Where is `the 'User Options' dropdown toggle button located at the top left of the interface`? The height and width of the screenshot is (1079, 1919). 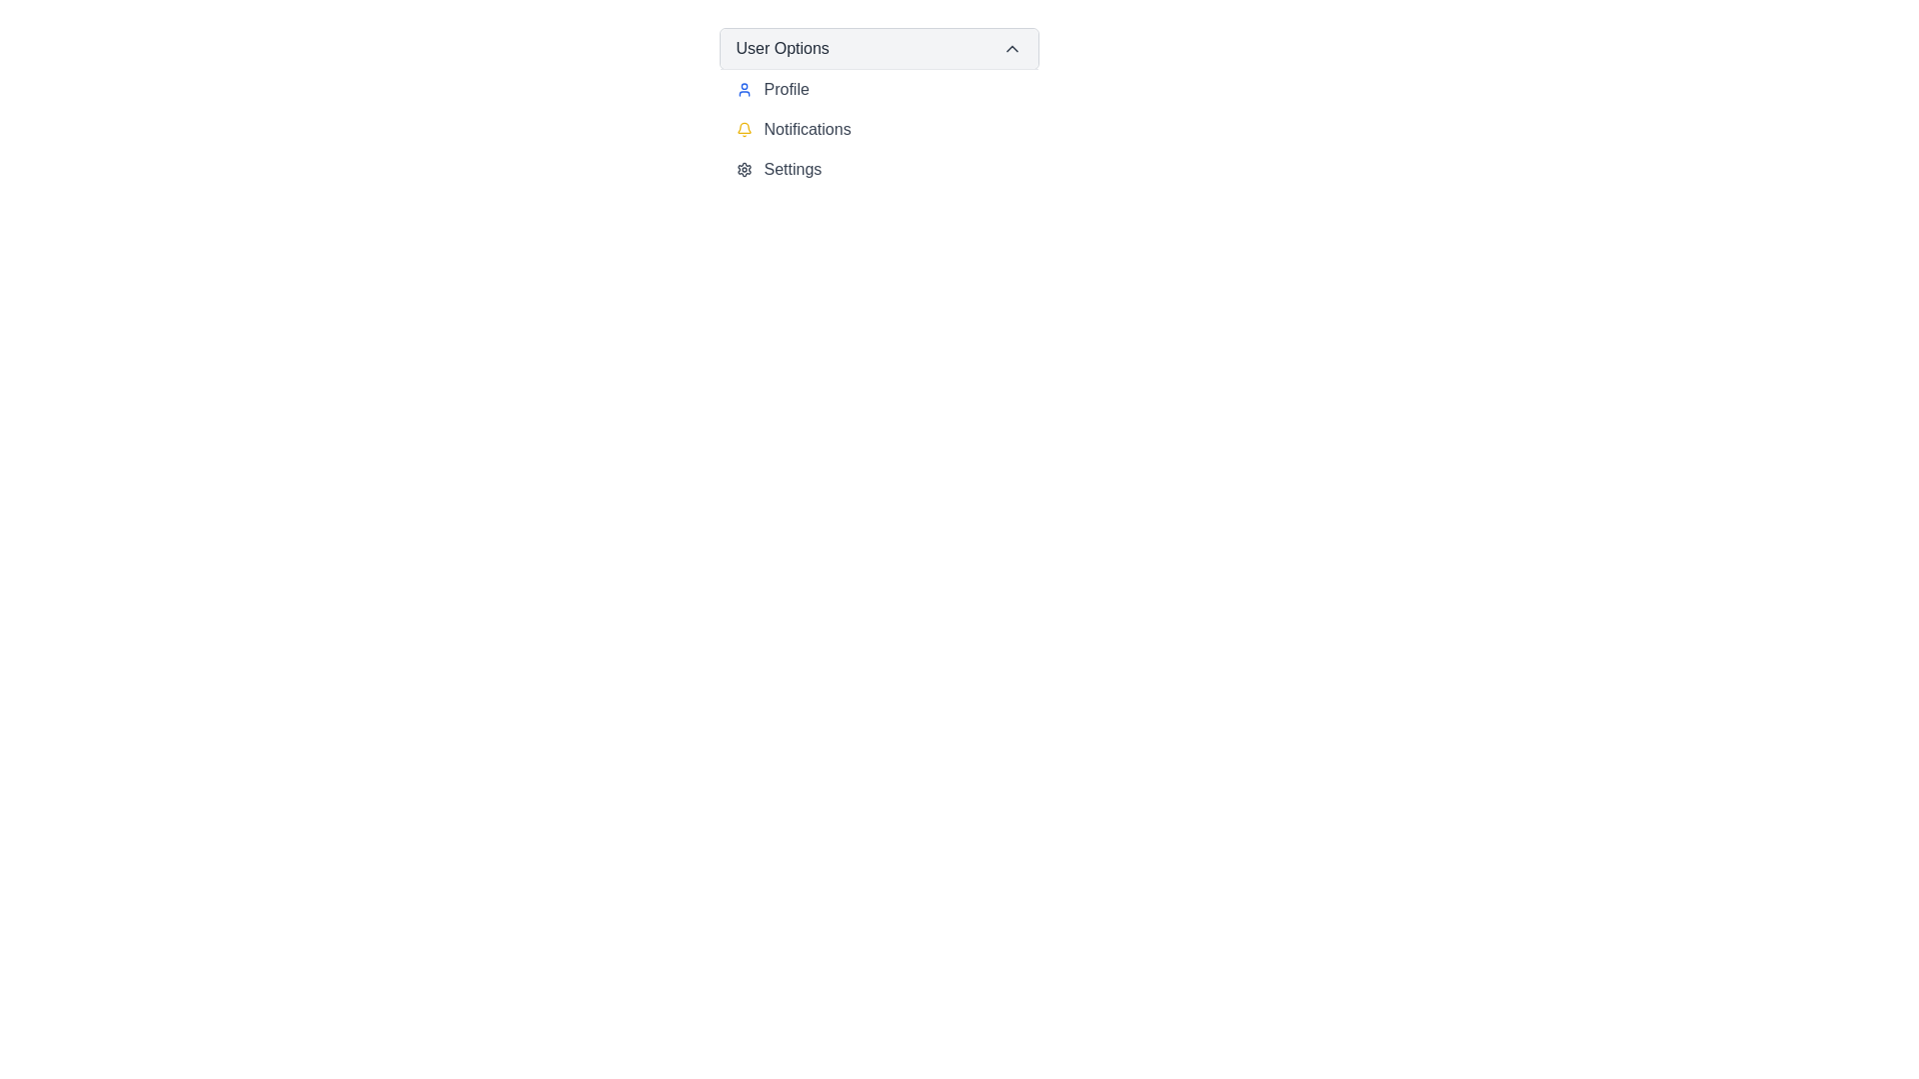
the 'User Options' dropdown toggle button located at the top left of the interface is located at coordinates (879, 48).